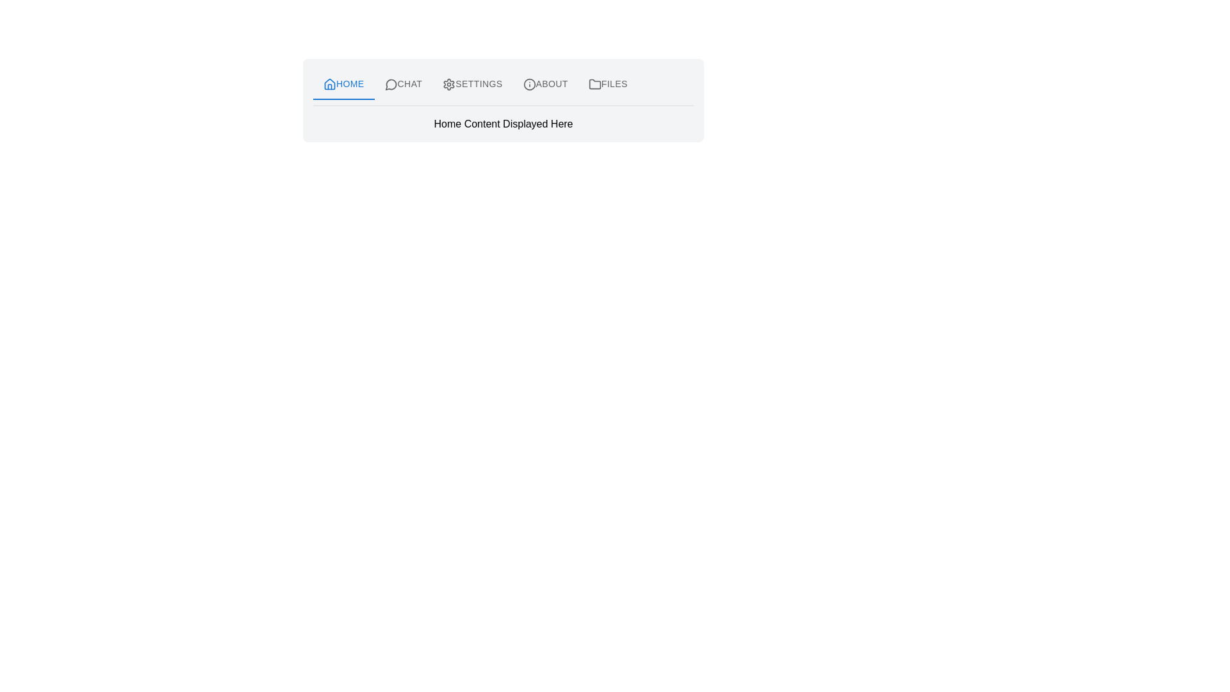 Image resolution: width=1230 pixels, height=692 pixels. What do you see at coordinates (594, 84) in the screenshot?
I see `the 'FILES' icon in the top navigation bar, which serves as a visual representation for the 'FILES' section` at bounding box center [594, 84].